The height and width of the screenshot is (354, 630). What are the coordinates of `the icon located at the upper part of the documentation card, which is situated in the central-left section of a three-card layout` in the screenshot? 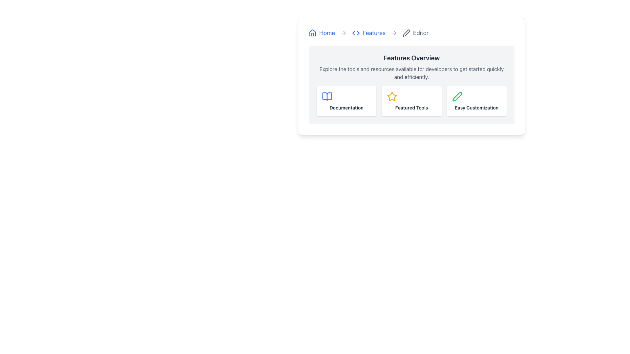 It's located at (327, 96).